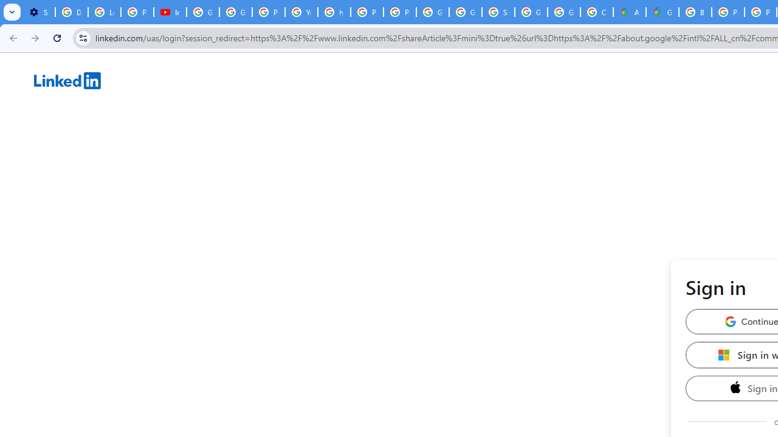  What do you see at coordinates (367, 12) in the screenshot?
I see `'Privacy Help Center - Policies Help'` at bounding box center [367, 12].